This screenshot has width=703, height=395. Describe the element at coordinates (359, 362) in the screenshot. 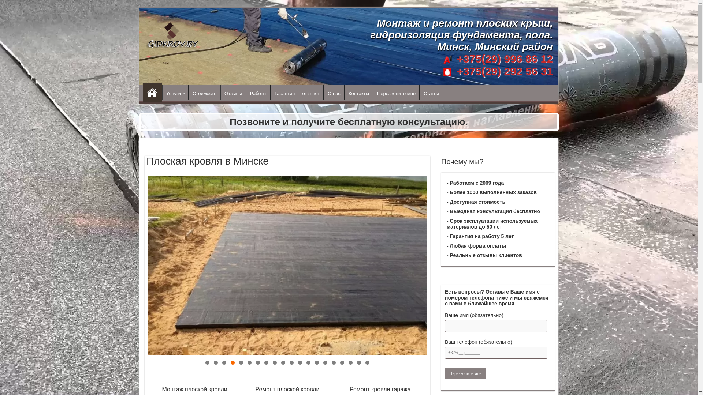

I see `'19'` at that location.